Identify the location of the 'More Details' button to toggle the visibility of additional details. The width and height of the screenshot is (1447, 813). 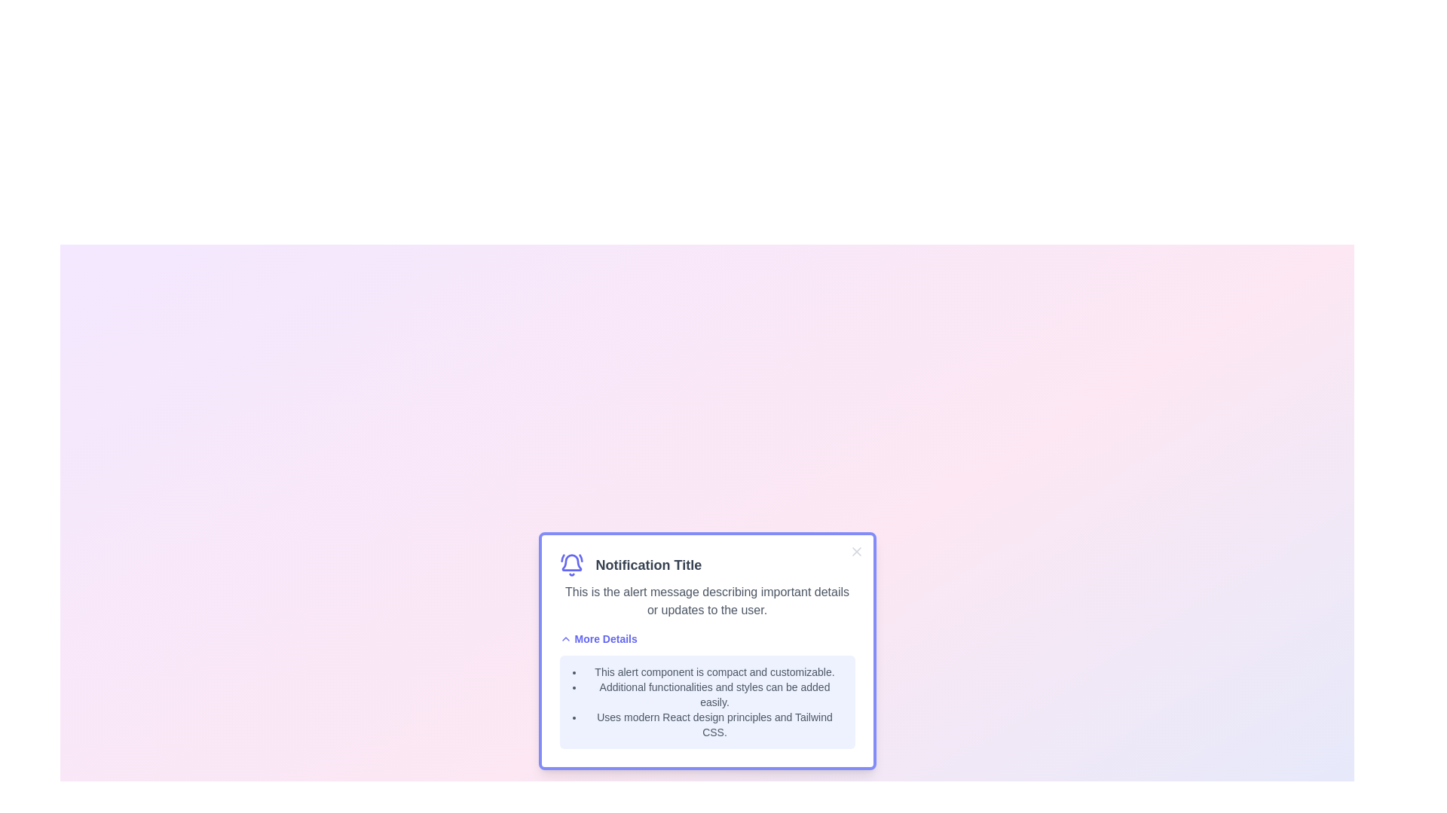
(597, 638).